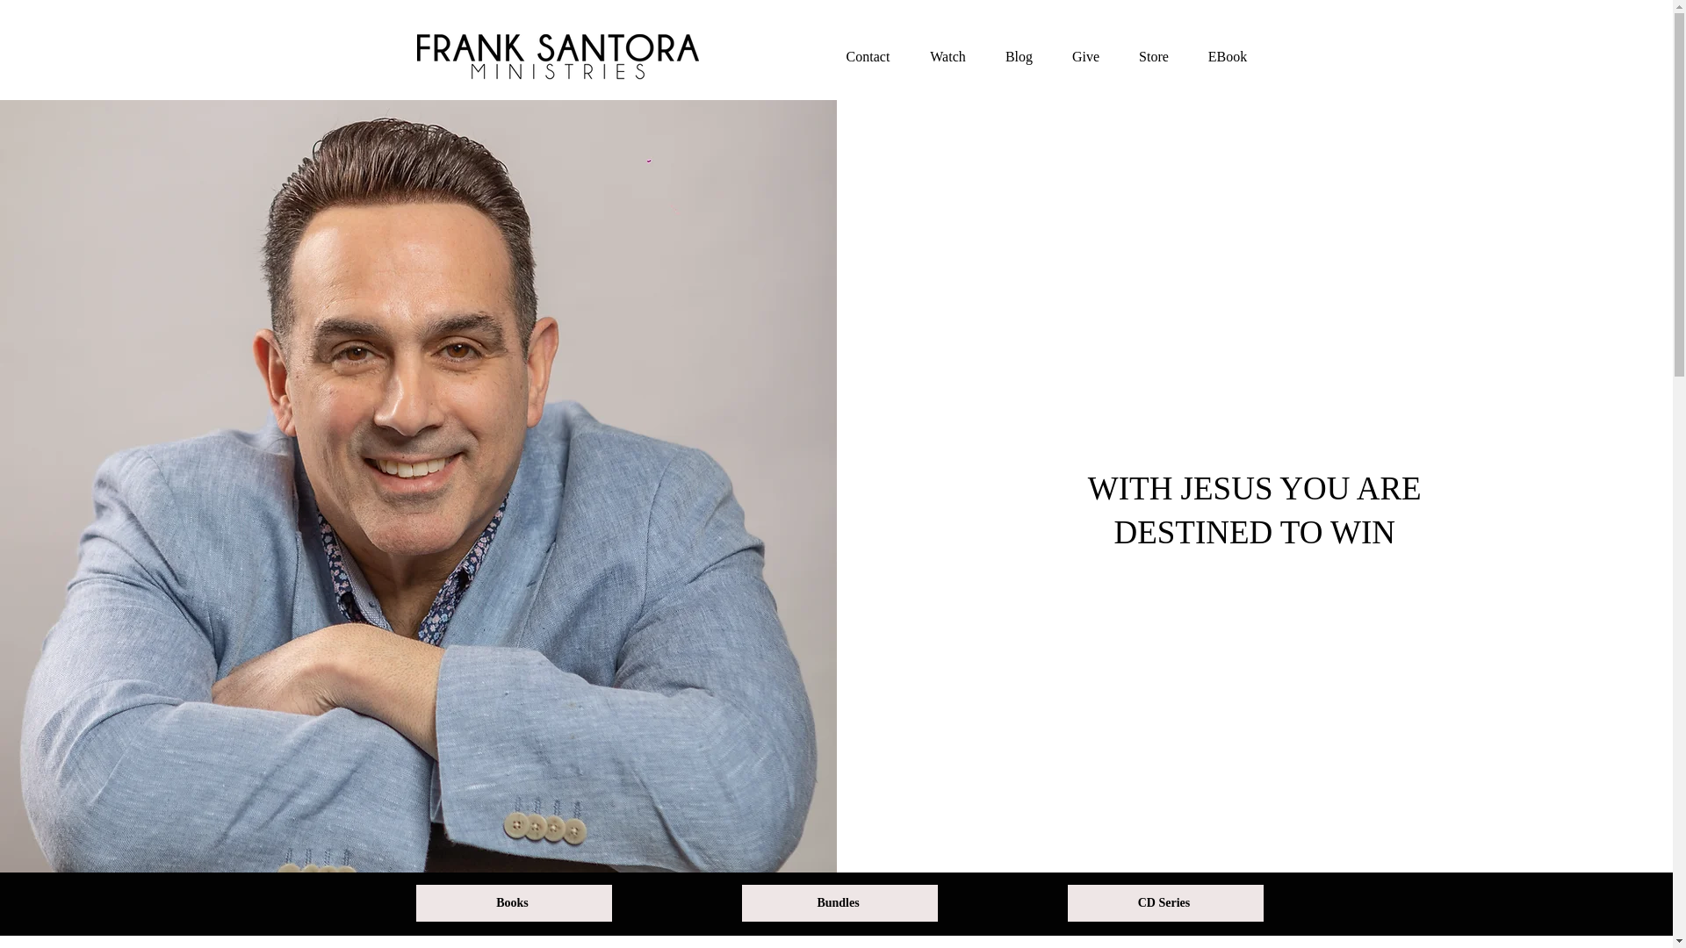 This screenshot has width=1686, height=948. I want to click on 'EBook', so click(1227, 56).